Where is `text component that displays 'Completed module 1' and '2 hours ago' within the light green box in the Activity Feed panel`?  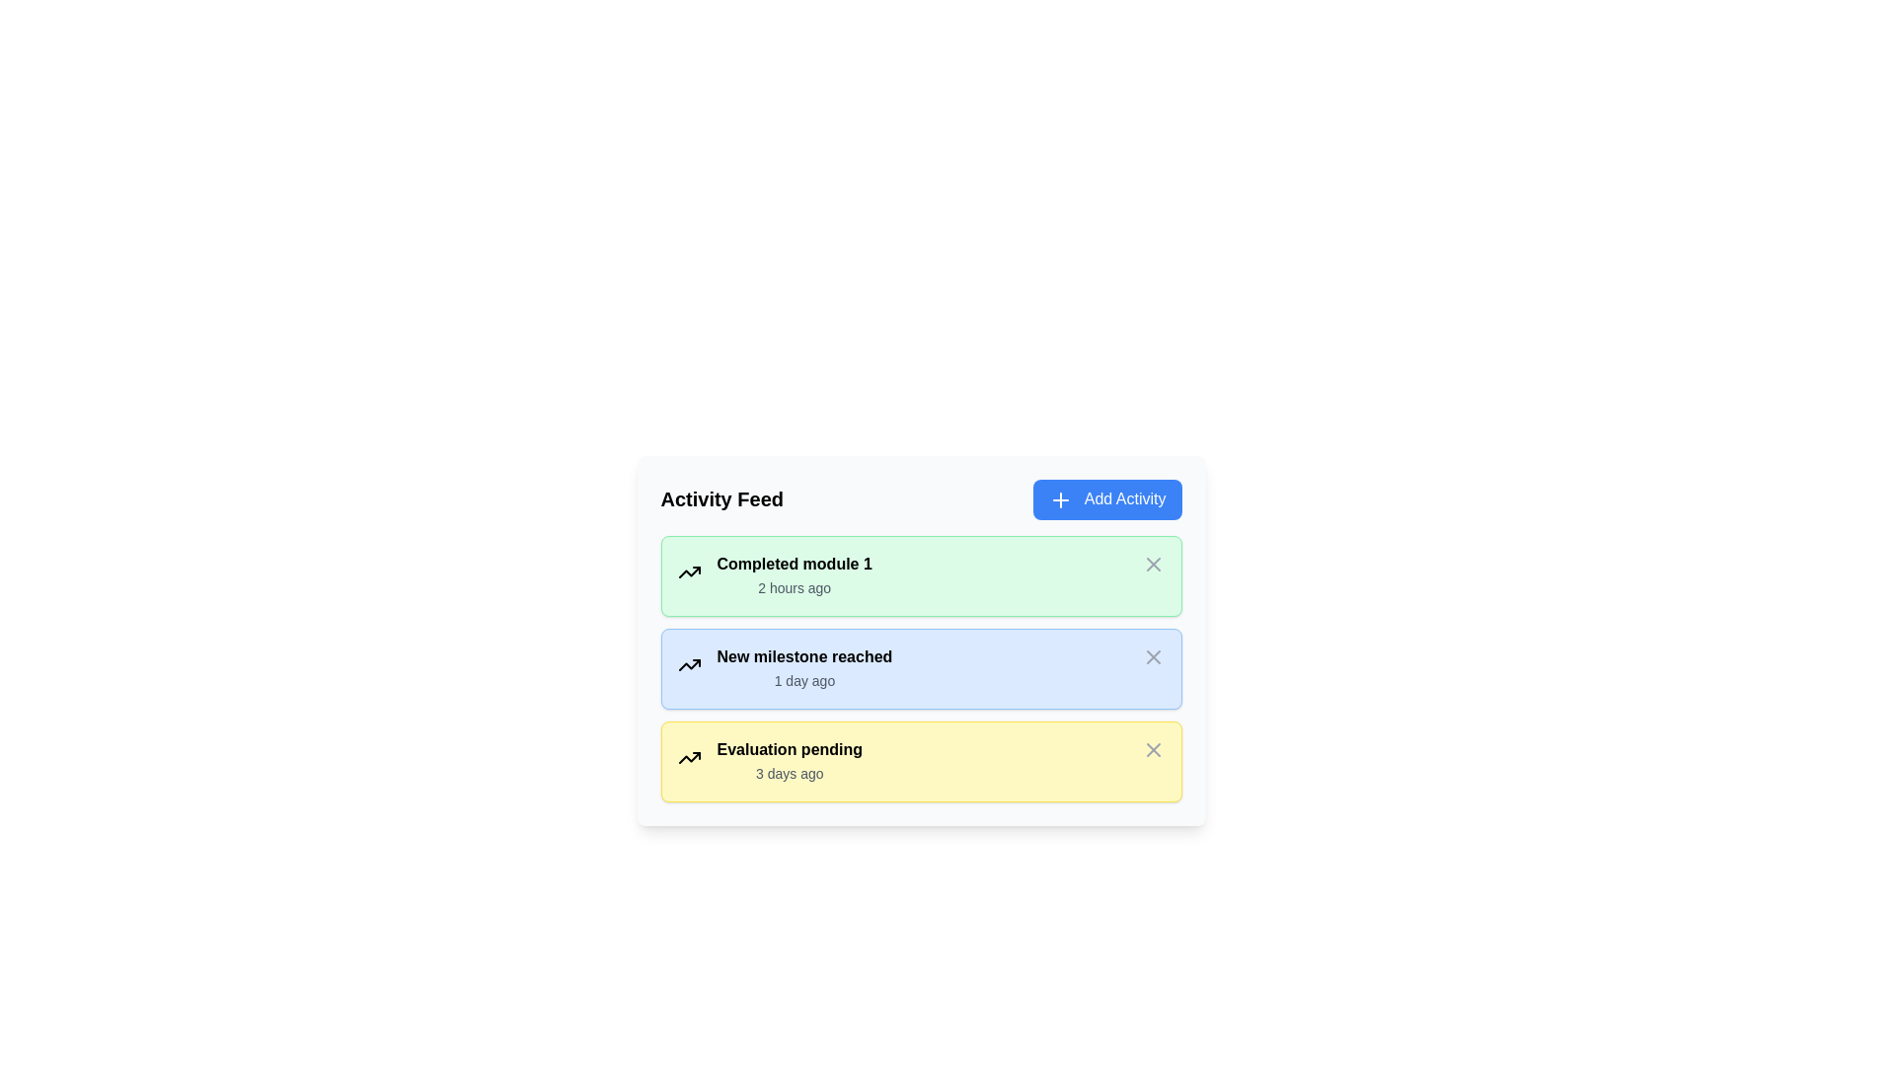 text component that displays 'Completed module 1' and '2 hours ago' within the light green box in the Activity Feed panel is located at coordinates (795, 575).